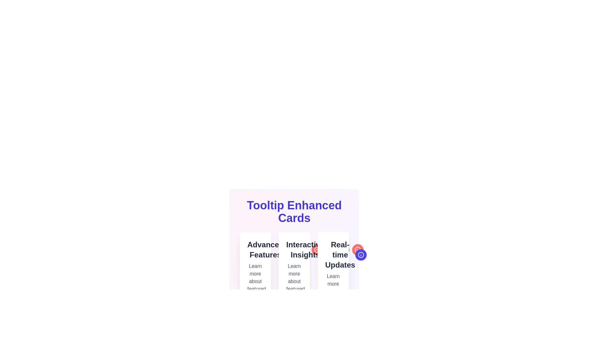  What do you see at coordinates (361, 255) in the screenshot?
I see `the circular button with an indigo background and information icon` at bounding box center [361, 255].